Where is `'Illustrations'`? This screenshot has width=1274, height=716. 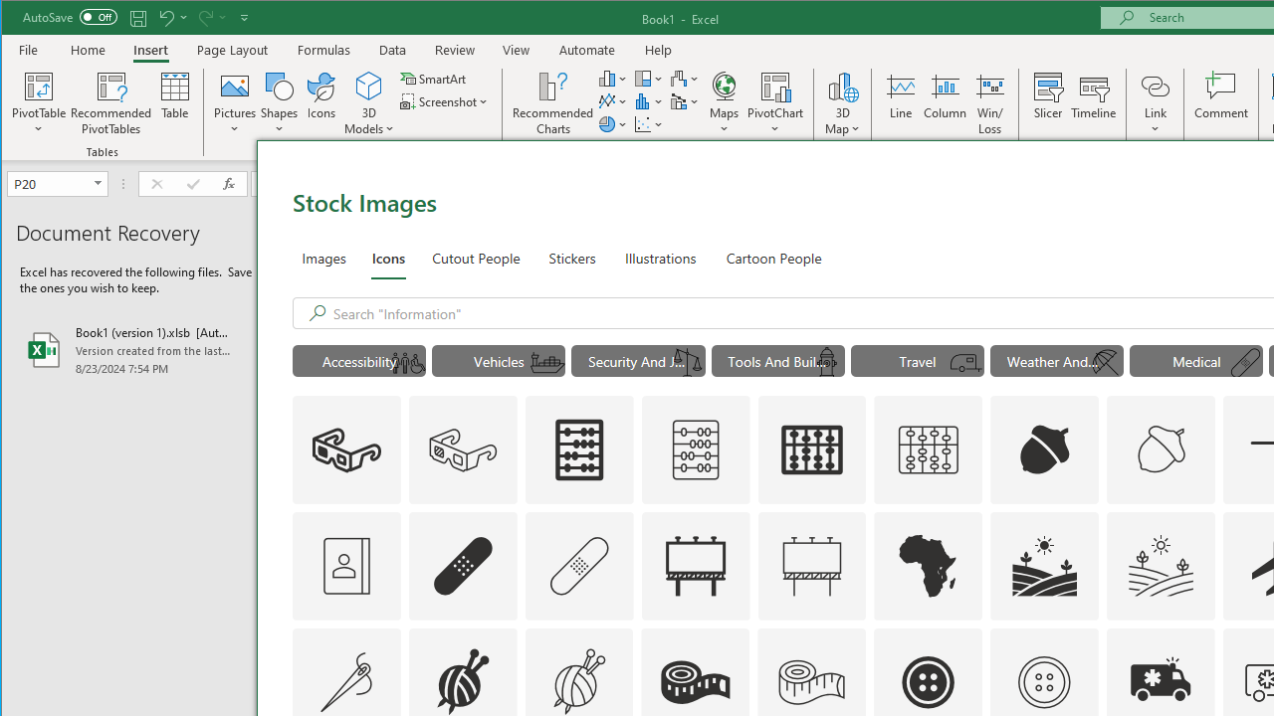
'Illustrations' is located at coordinates (660, 256).